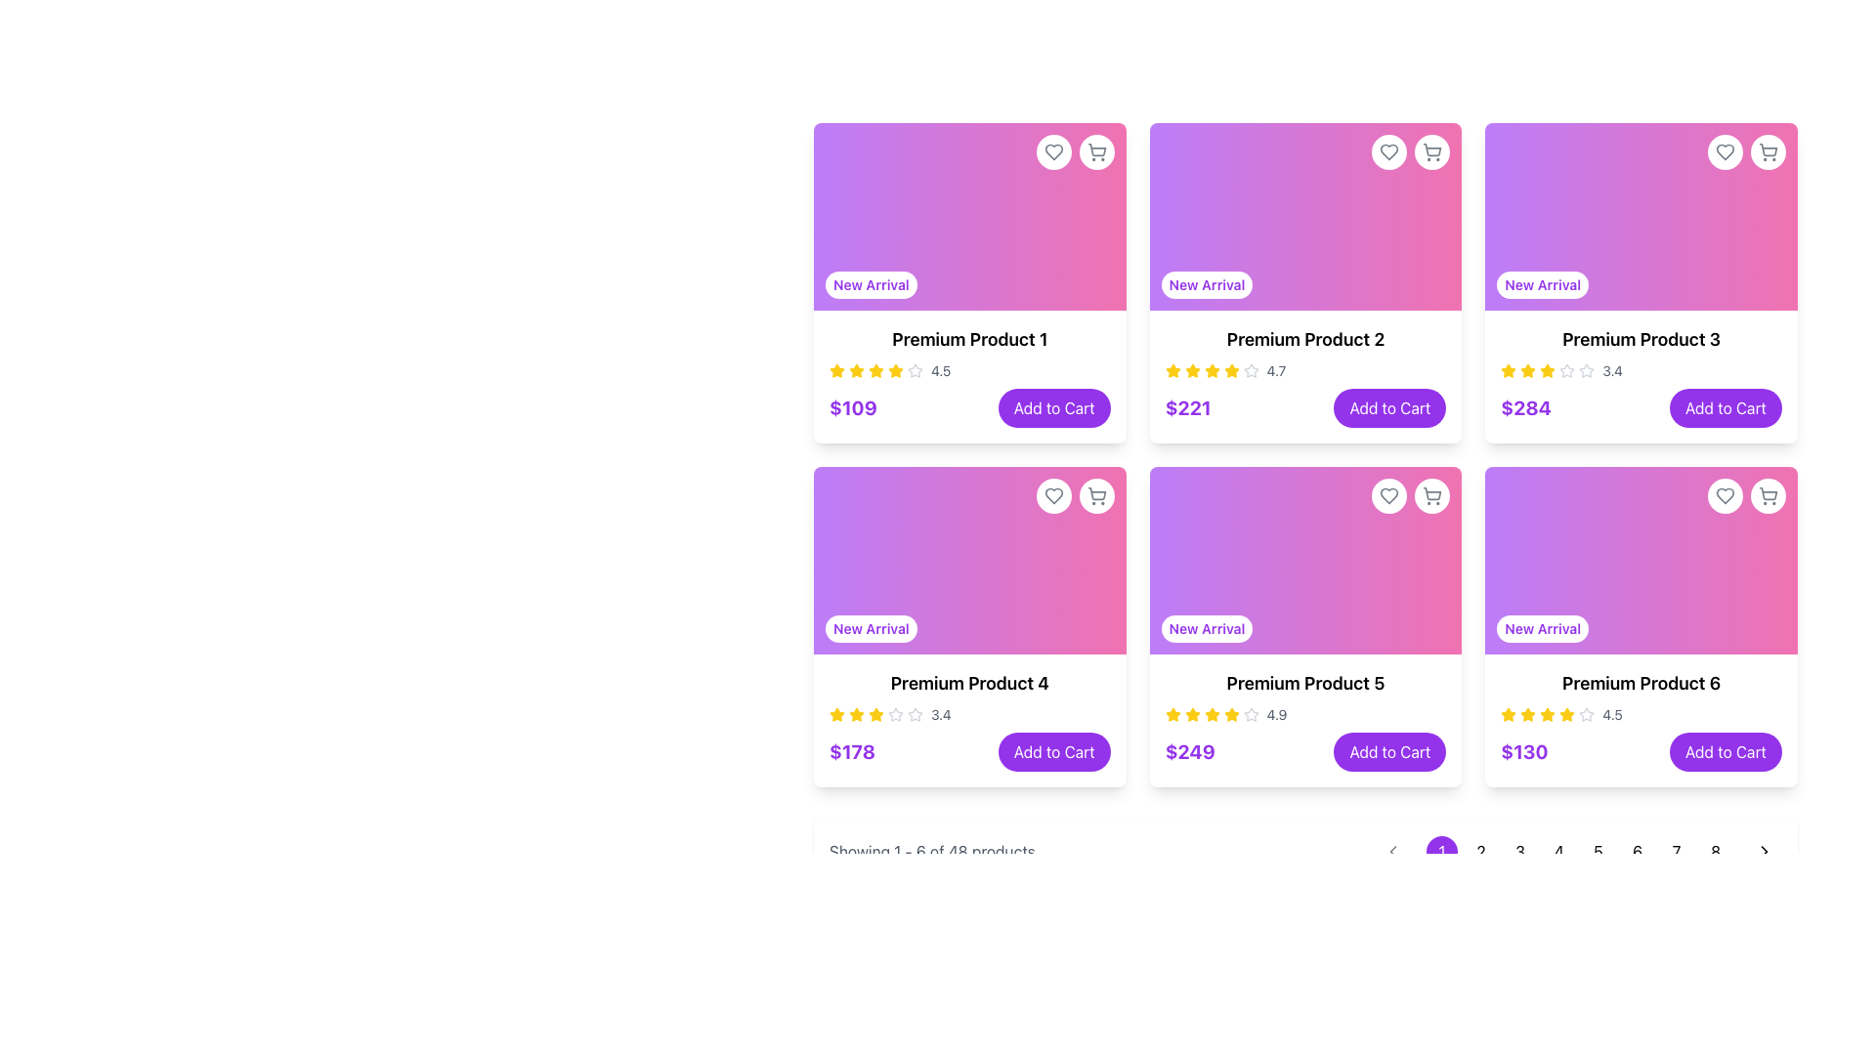 This screenshot has width=1876, height=1055. I want to click on the shopping cart icon represented by a wireframe design in the top right corner of the fifth product card in the second row of a grid layout, so click(1432, 492).